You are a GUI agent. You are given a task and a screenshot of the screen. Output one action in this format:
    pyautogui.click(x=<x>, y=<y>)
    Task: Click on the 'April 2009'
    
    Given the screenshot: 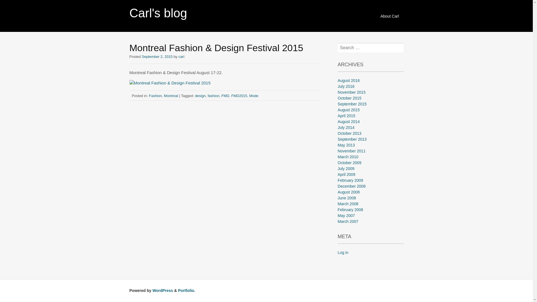 What is the action you would take?
    pyautogui.click(x=346, y=174)
    